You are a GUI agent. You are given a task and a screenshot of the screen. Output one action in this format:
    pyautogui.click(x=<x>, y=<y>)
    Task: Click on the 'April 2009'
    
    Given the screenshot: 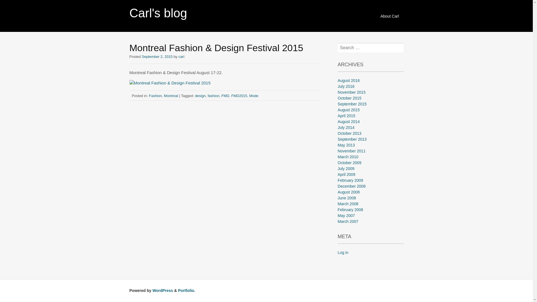 What is the action you would take?
    pyautogui.click(x=346, y=174)
    